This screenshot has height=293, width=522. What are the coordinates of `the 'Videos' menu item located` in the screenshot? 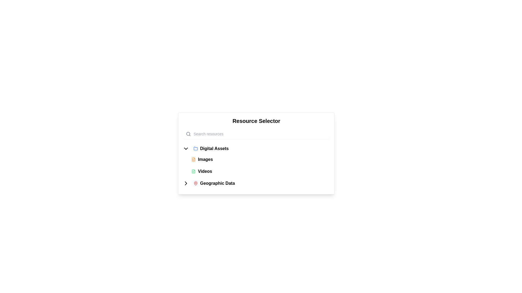 It's located at (259, 171).